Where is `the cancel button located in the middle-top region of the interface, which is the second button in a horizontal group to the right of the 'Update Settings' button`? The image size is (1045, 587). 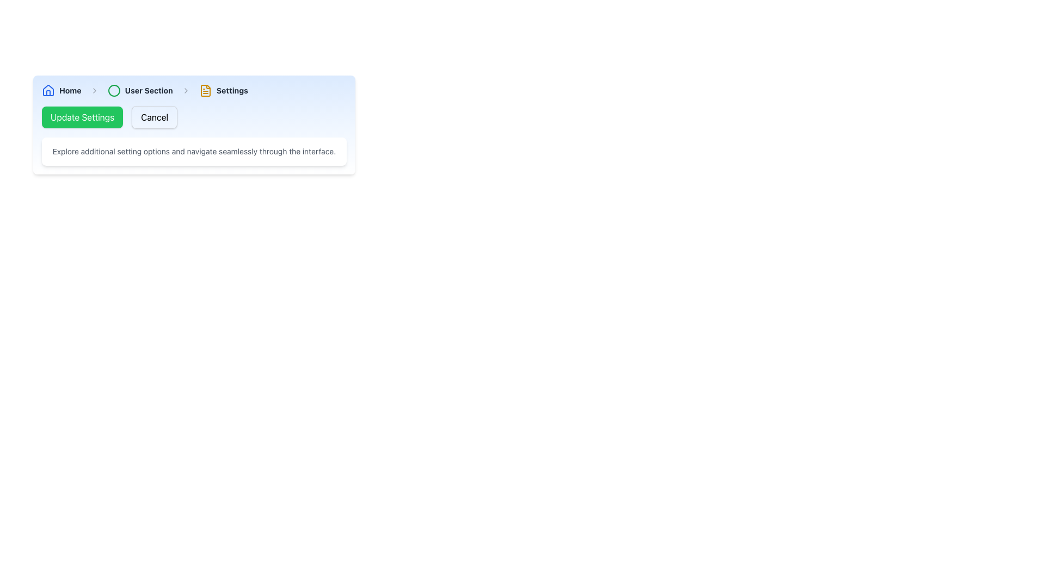
the cancel button located in the middle-top region of the interface, which is the second button in a horizontal group to the right of the 'Update Settings' button is located at coordinates (153, 117).